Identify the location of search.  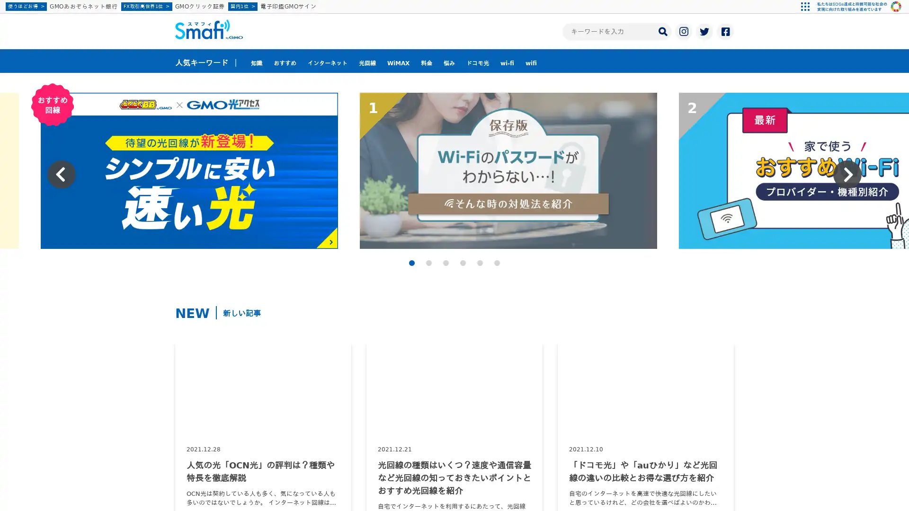
(662, 30).